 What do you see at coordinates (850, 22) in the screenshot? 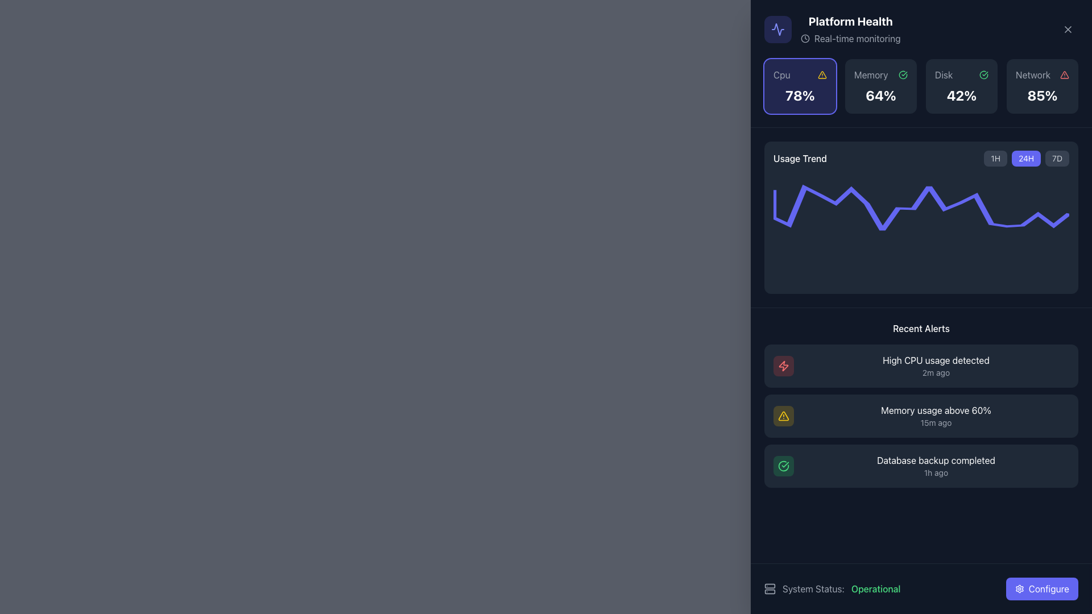
I see `displayed text 'Platform Health' from the bold, extra-large white text label located at the top of the right-hand side panel` at bounding box center [850, 22].